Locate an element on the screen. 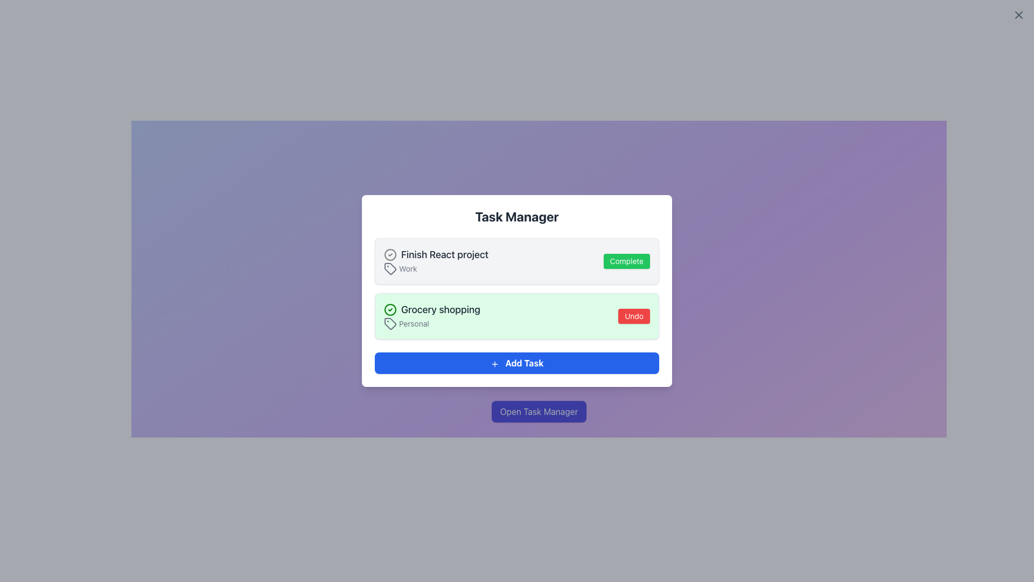 The height and width of the screenshot is (582, 1034). the green 'Complete' button with white text to mark the task 'Finish React project' as completed is located at coordinates (626, 261).